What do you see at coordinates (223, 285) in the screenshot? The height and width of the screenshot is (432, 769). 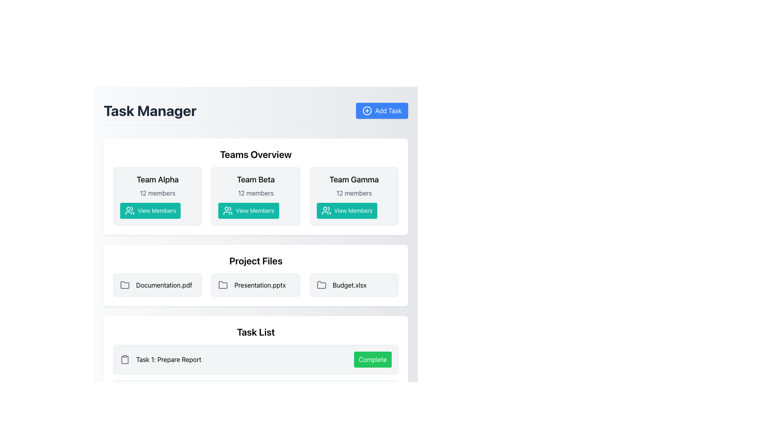 I see `the folder icon located in the 'Project Files' section, adjacent to 'Presentation.pptx'` at bounding box center [223, 285].